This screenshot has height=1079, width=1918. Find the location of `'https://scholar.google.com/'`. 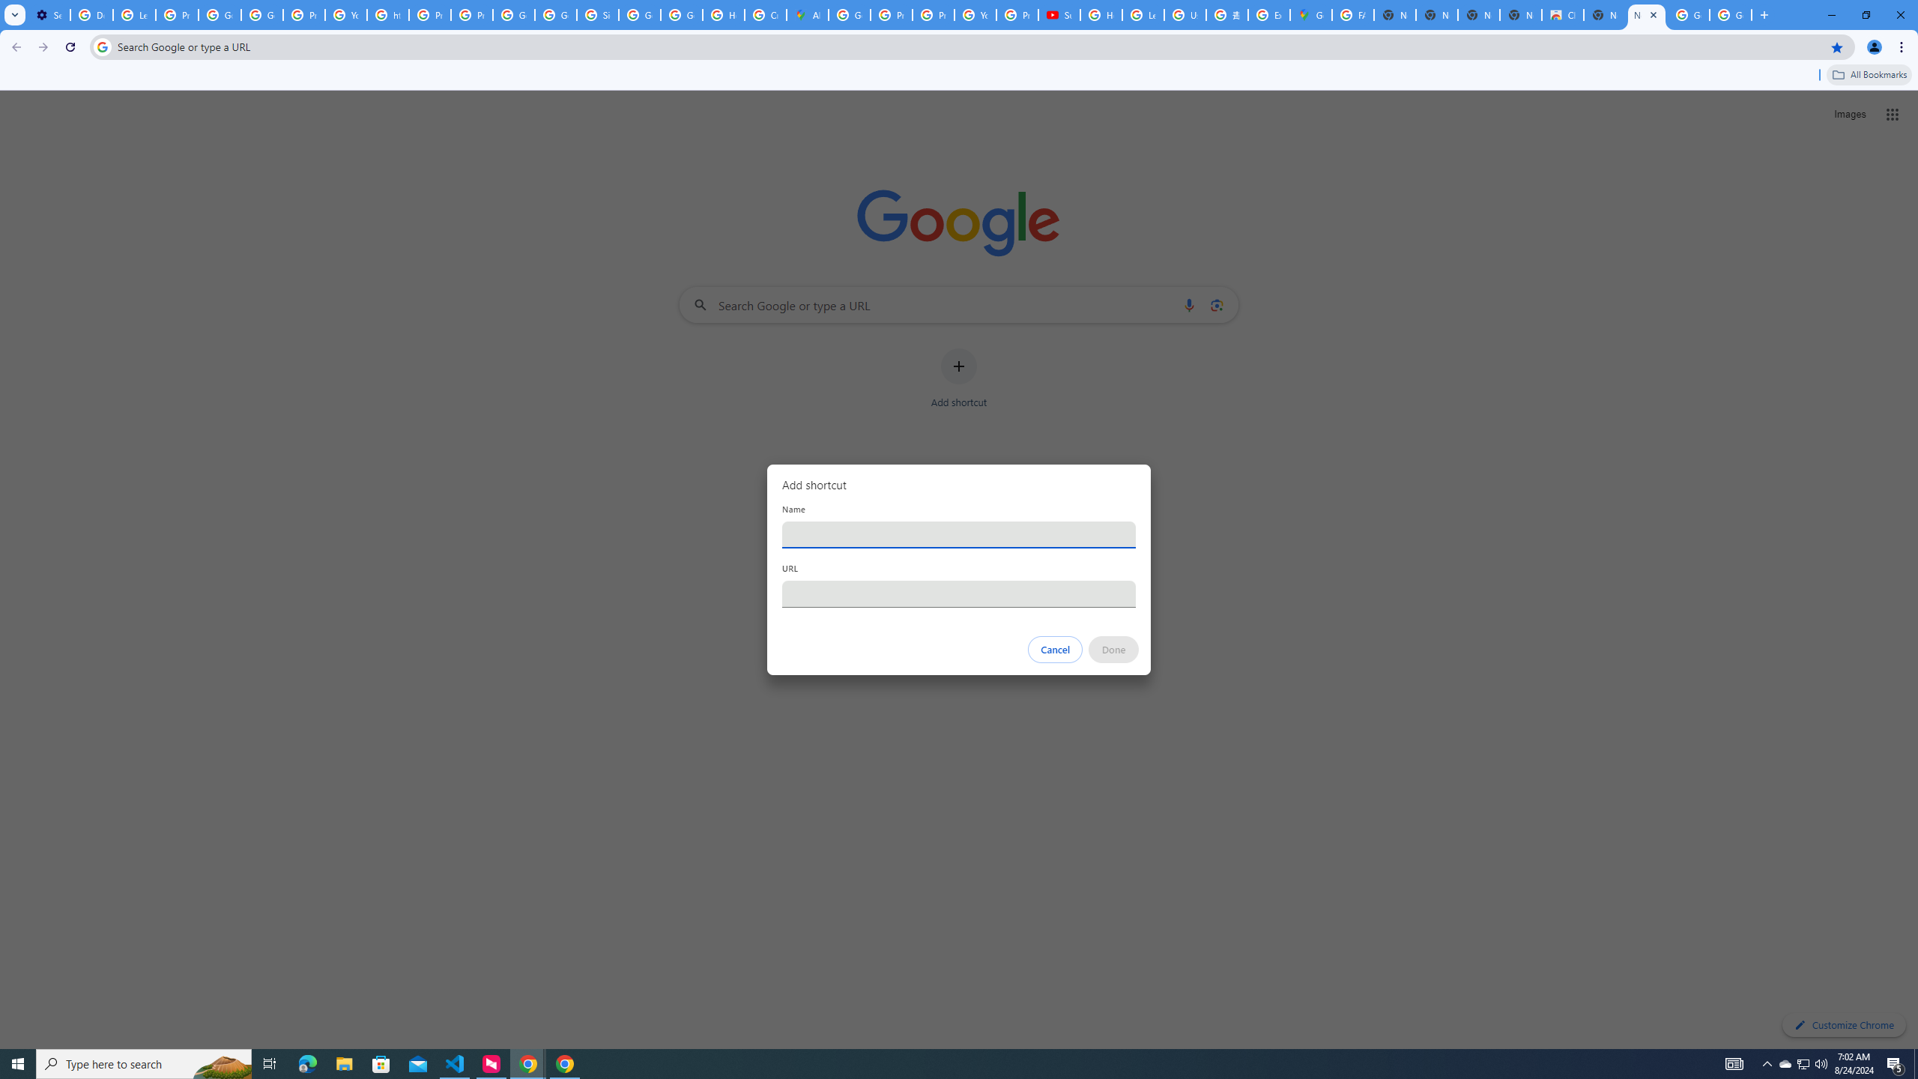

'https://scholar.google.com/' is located at coordinates (387, 14).